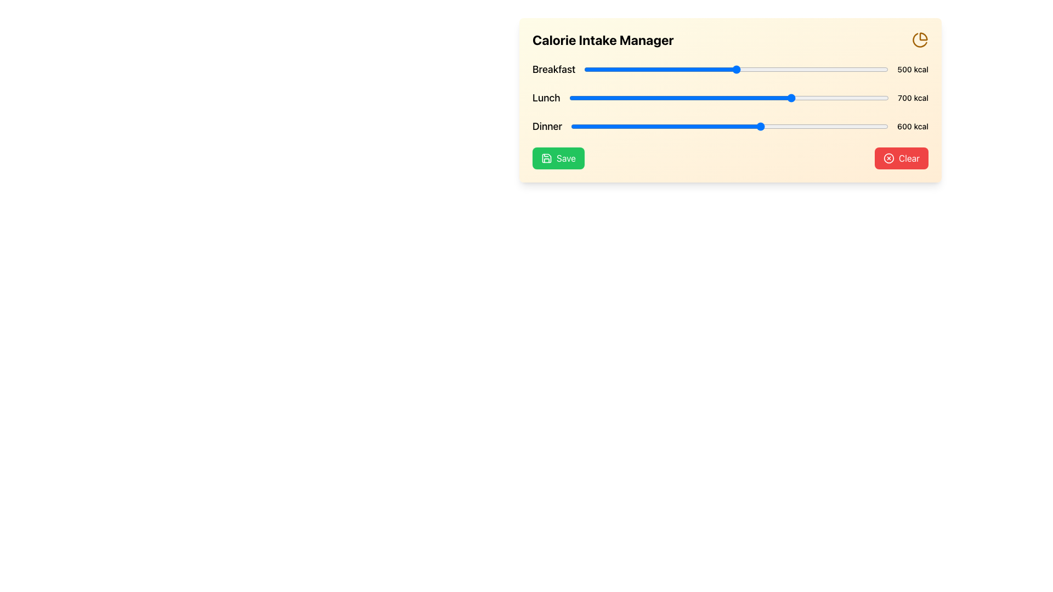  What do you see at coordinates (602, 39) in the screenshot?
I see `the 'Calorie Intake Manager' text label, which is the prominent title in the top-left section of the card-like interface` at bounding box center [602, 39].